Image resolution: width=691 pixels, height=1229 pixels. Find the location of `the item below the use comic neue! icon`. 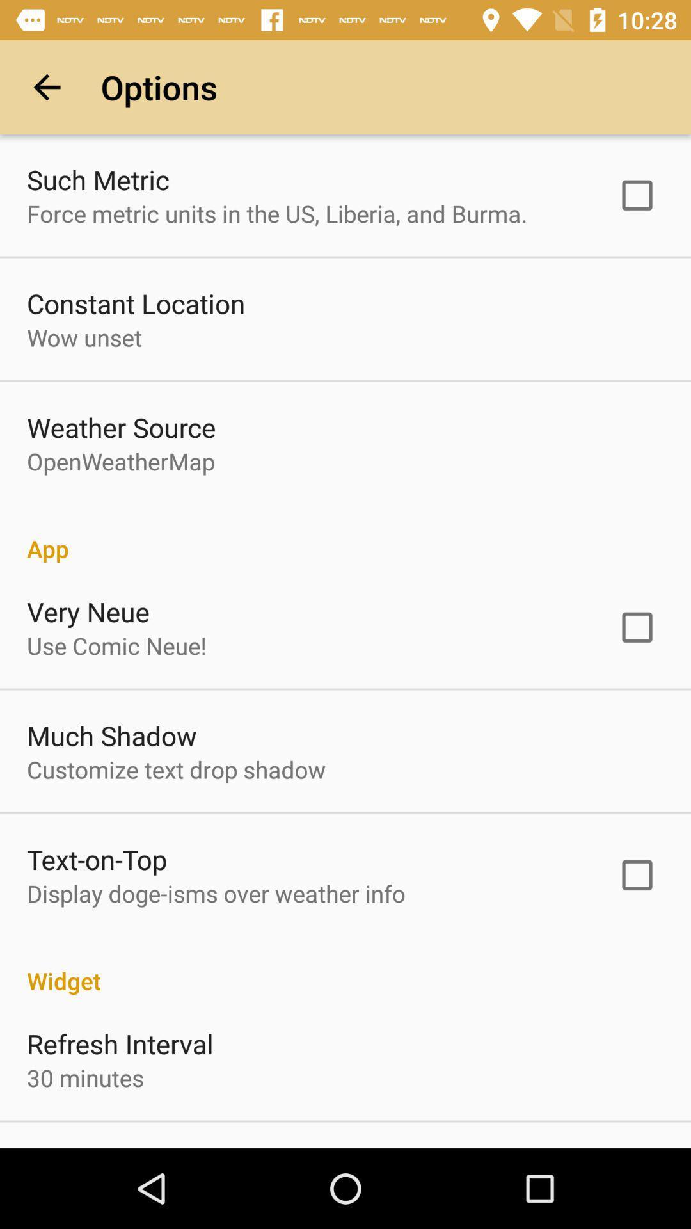

the item below the use comic neue! icon is located at coordinates (111, 735).